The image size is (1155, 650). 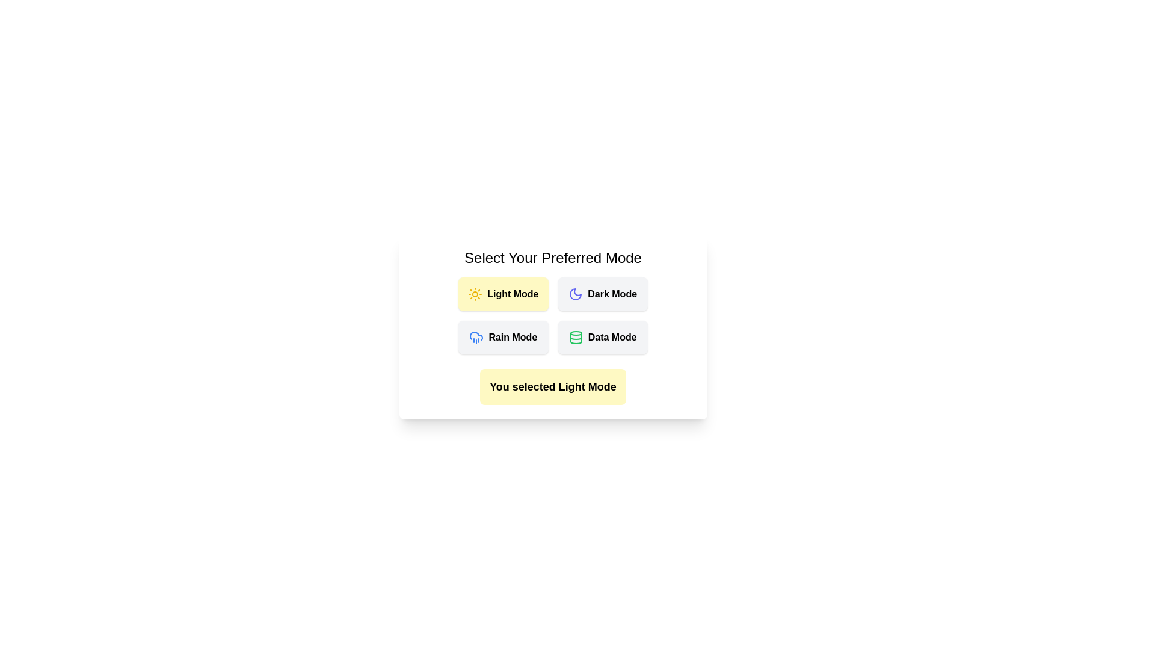 What do you see at coordinates (503, 337) in the screenshot?
I see `the 'Rain Mode' button, which is a light gray rectangular button with rounded corners featuring a blue cloud icon and black text, located in the lower left section of the mode selectors` at bounding box center [503, 337].